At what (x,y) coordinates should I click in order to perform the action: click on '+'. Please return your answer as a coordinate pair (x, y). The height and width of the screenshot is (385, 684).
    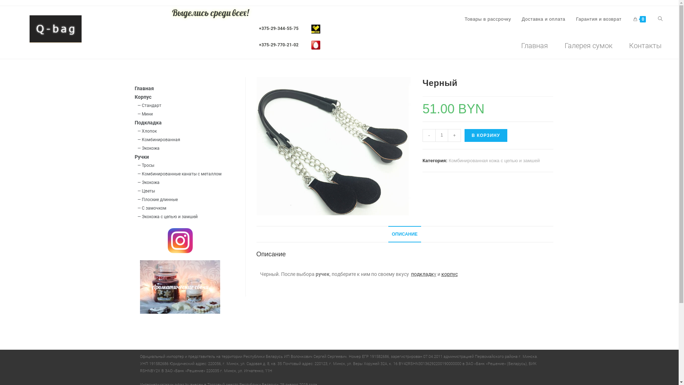
    Looking at the image, I should click on (454, 135).